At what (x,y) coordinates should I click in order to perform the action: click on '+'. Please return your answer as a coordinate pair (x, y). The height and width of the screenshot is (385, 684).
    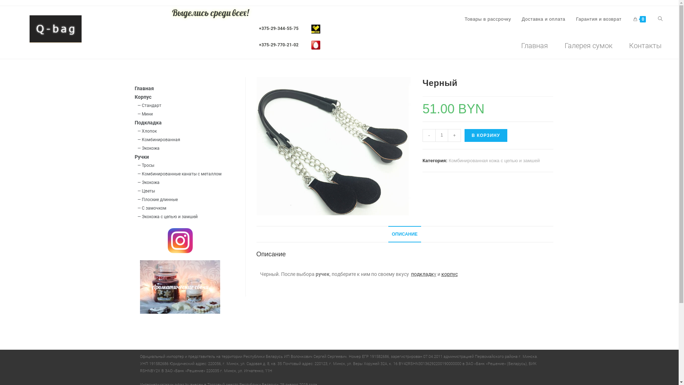
    Looking at the image, I should click on (454, 135).